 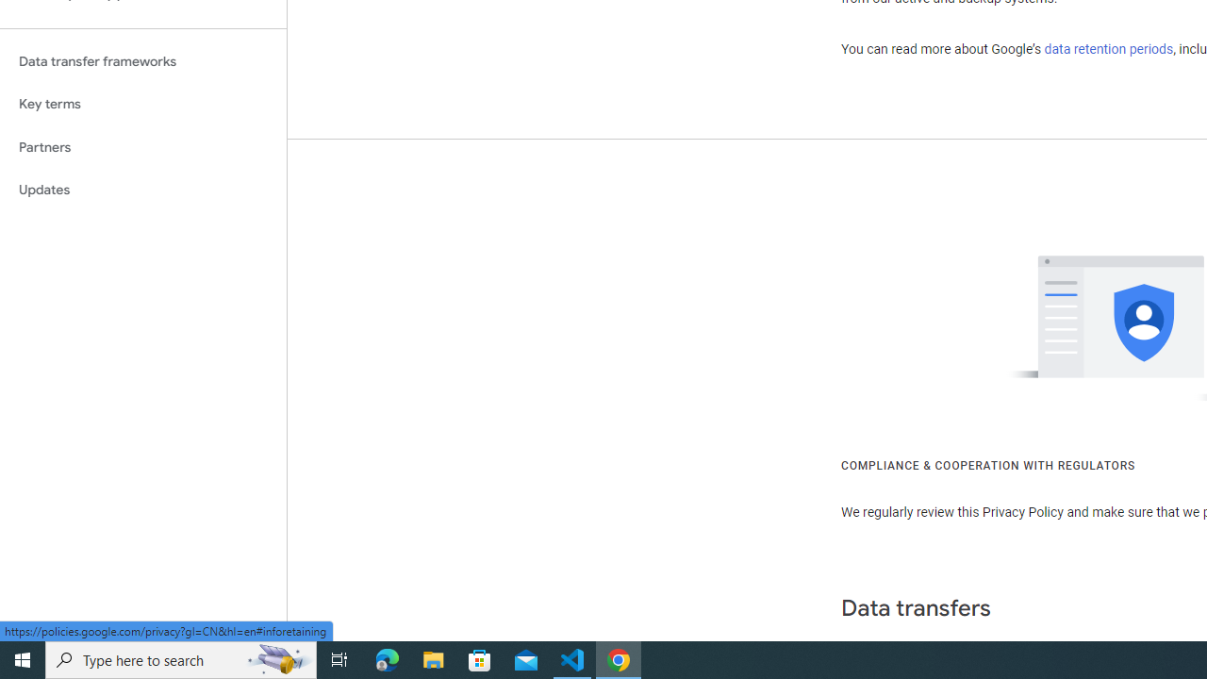 I want to click on 'Key terms', so click(x=142, y=104).